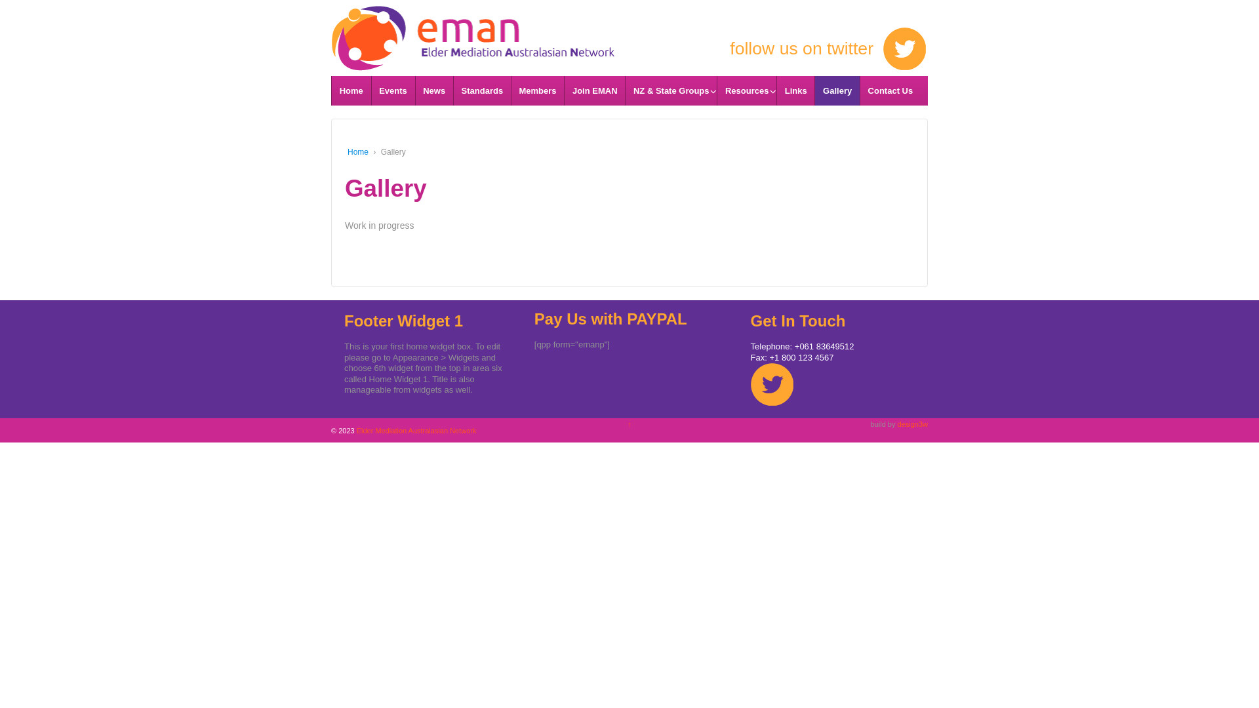 Image resolution: width=1259 pixels, height=708 pixels. Describe the element at coordinates (351, 90) in the screenshot. I see `'Home'` at that location.